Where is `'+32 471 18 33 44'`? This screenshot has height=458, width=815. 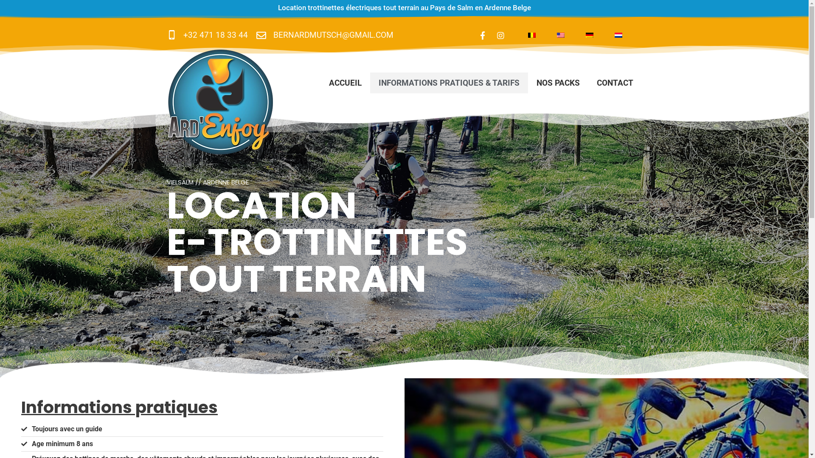 '+32 471 18 33 44' is located at coordinates (166, 35).